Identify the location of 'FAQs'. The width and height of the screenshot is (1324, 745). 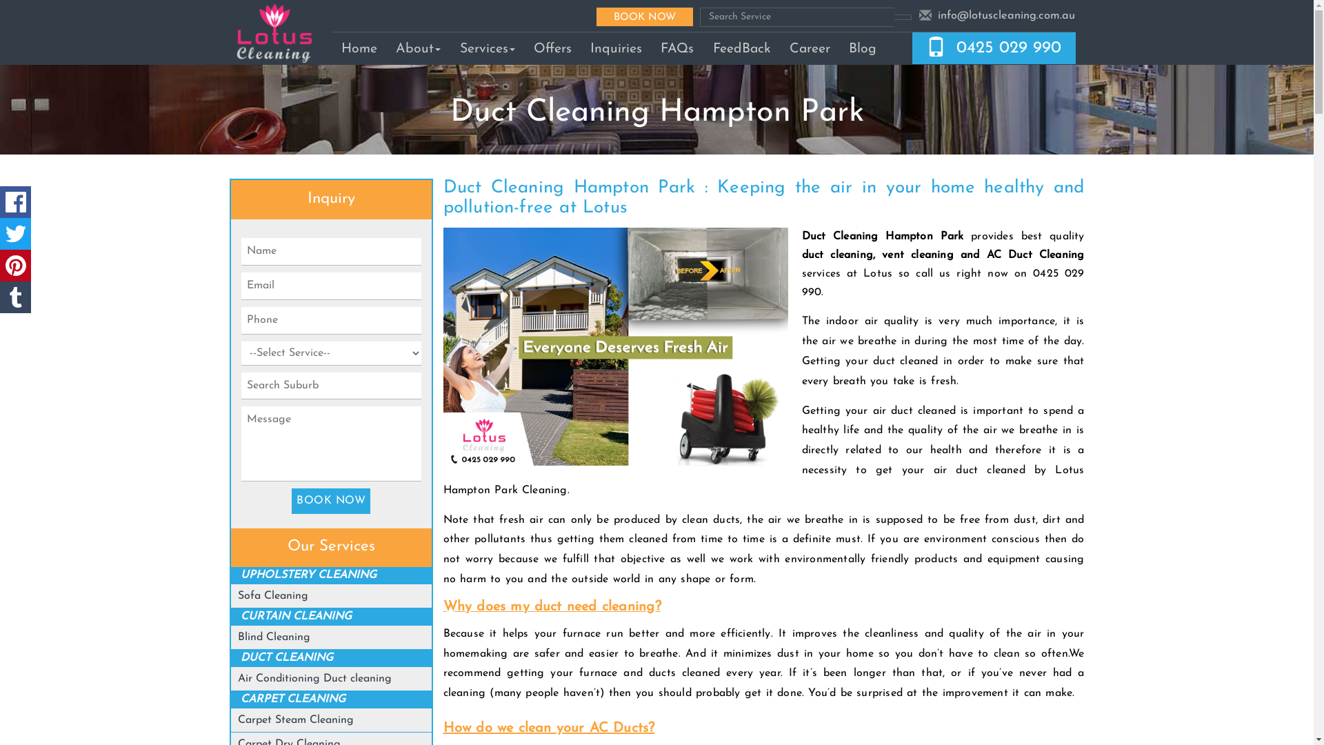
(677, 48).